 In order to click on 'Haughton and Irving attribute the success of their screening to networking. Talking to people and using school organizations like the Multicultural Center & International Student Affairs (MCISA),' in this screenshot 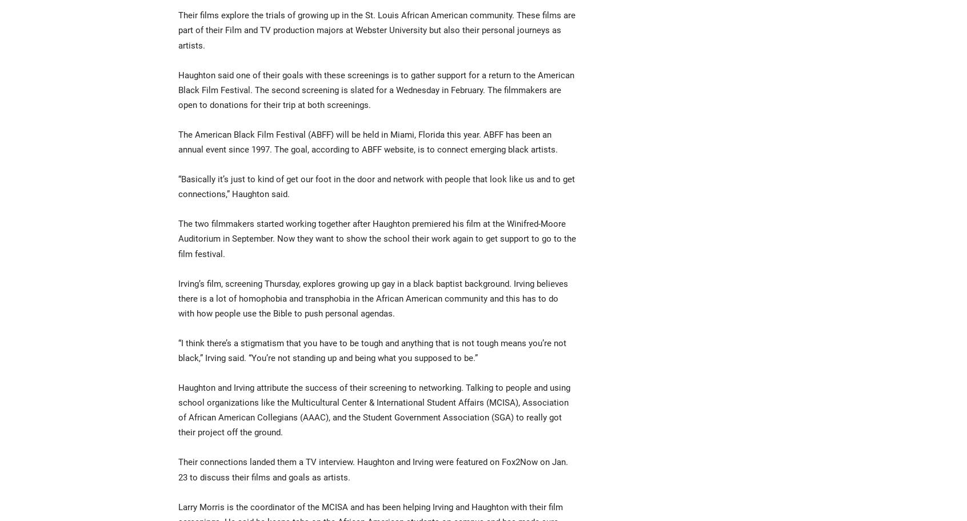, I will do `click(178, 395)`.